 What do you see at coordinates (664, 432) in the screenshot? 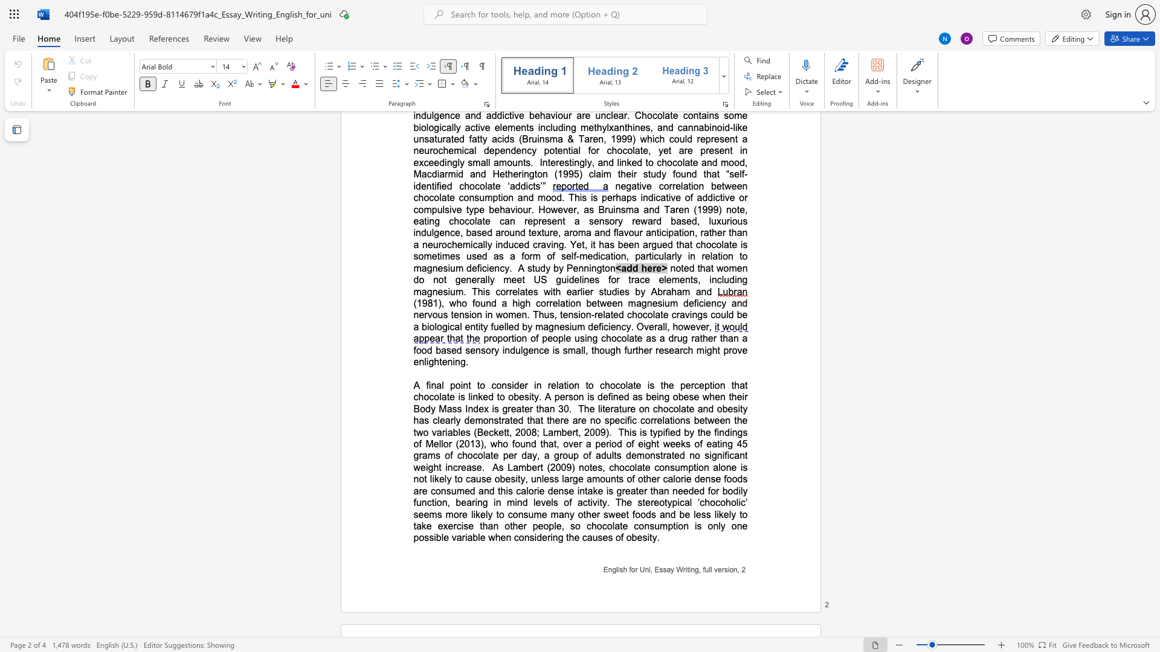
I see `the subset text "fied by the findings of Mellor (2013), who found that, over a period of eight weeks of eating 45 grams of chocolate per day, a group of a" within the text "This is typified by the findings of Mellor (2013), who found that, over a period of eight weeks of eating 45 grams of chocolate per day, a group of adults"` at bounding box center [664, 432].